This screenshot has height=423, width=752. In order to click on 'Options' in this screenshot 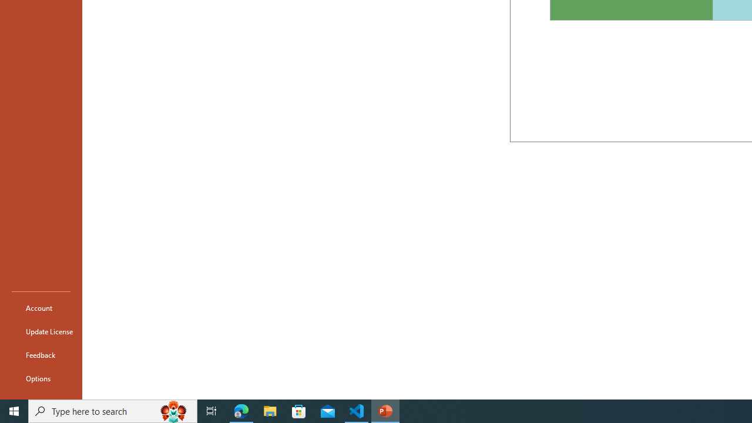, I will do `click(41, 378)`.